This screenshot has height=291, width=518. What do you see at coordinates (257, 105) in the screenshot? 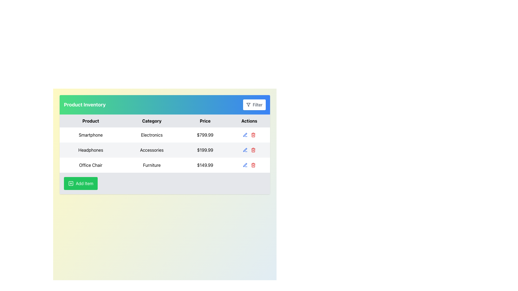
I see `the text label that accompanies the filter icon, located in the top-right section of the interface, above the 'Actions' column of the table` at bounding box center [257, 105].